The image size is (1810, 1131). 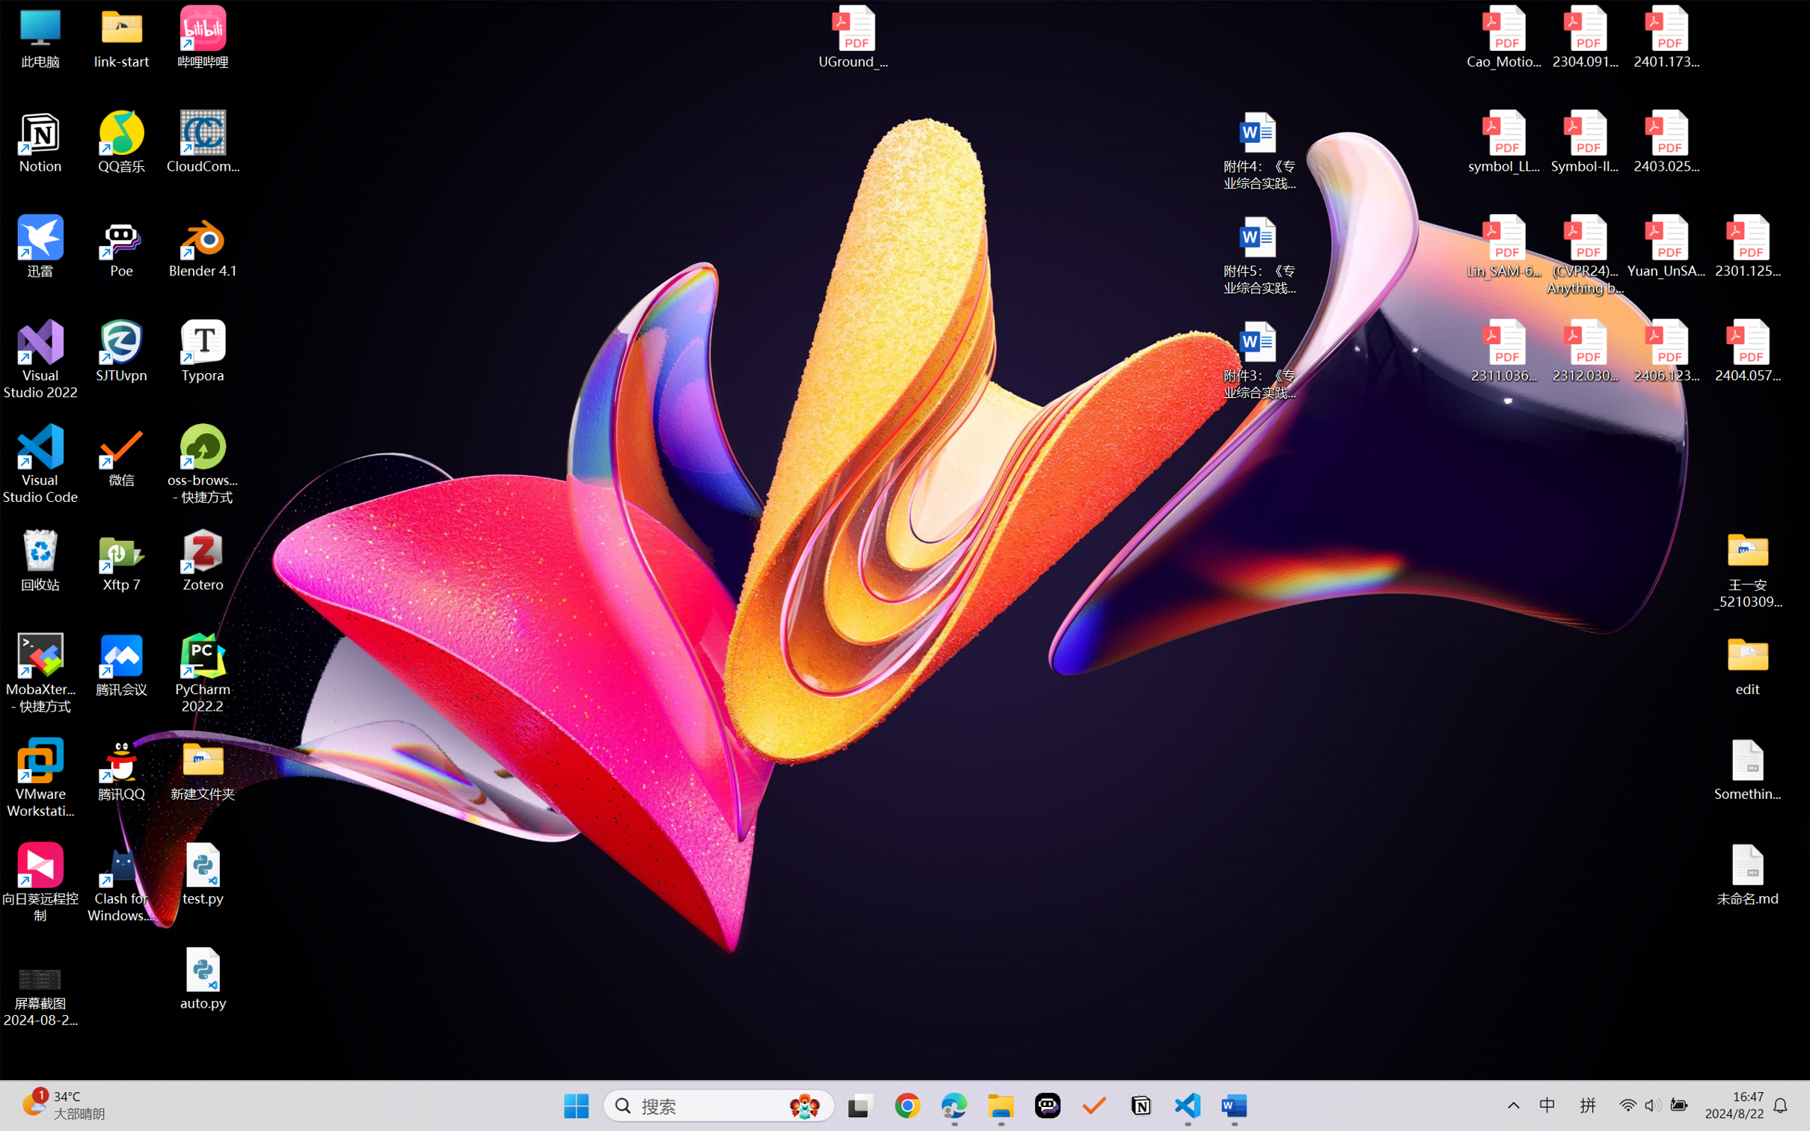 What do you see at coordinates (1665, 37) in the screenshot?
I see `'2401.17399v1.pdf'` at bounding box center [1665, 37].